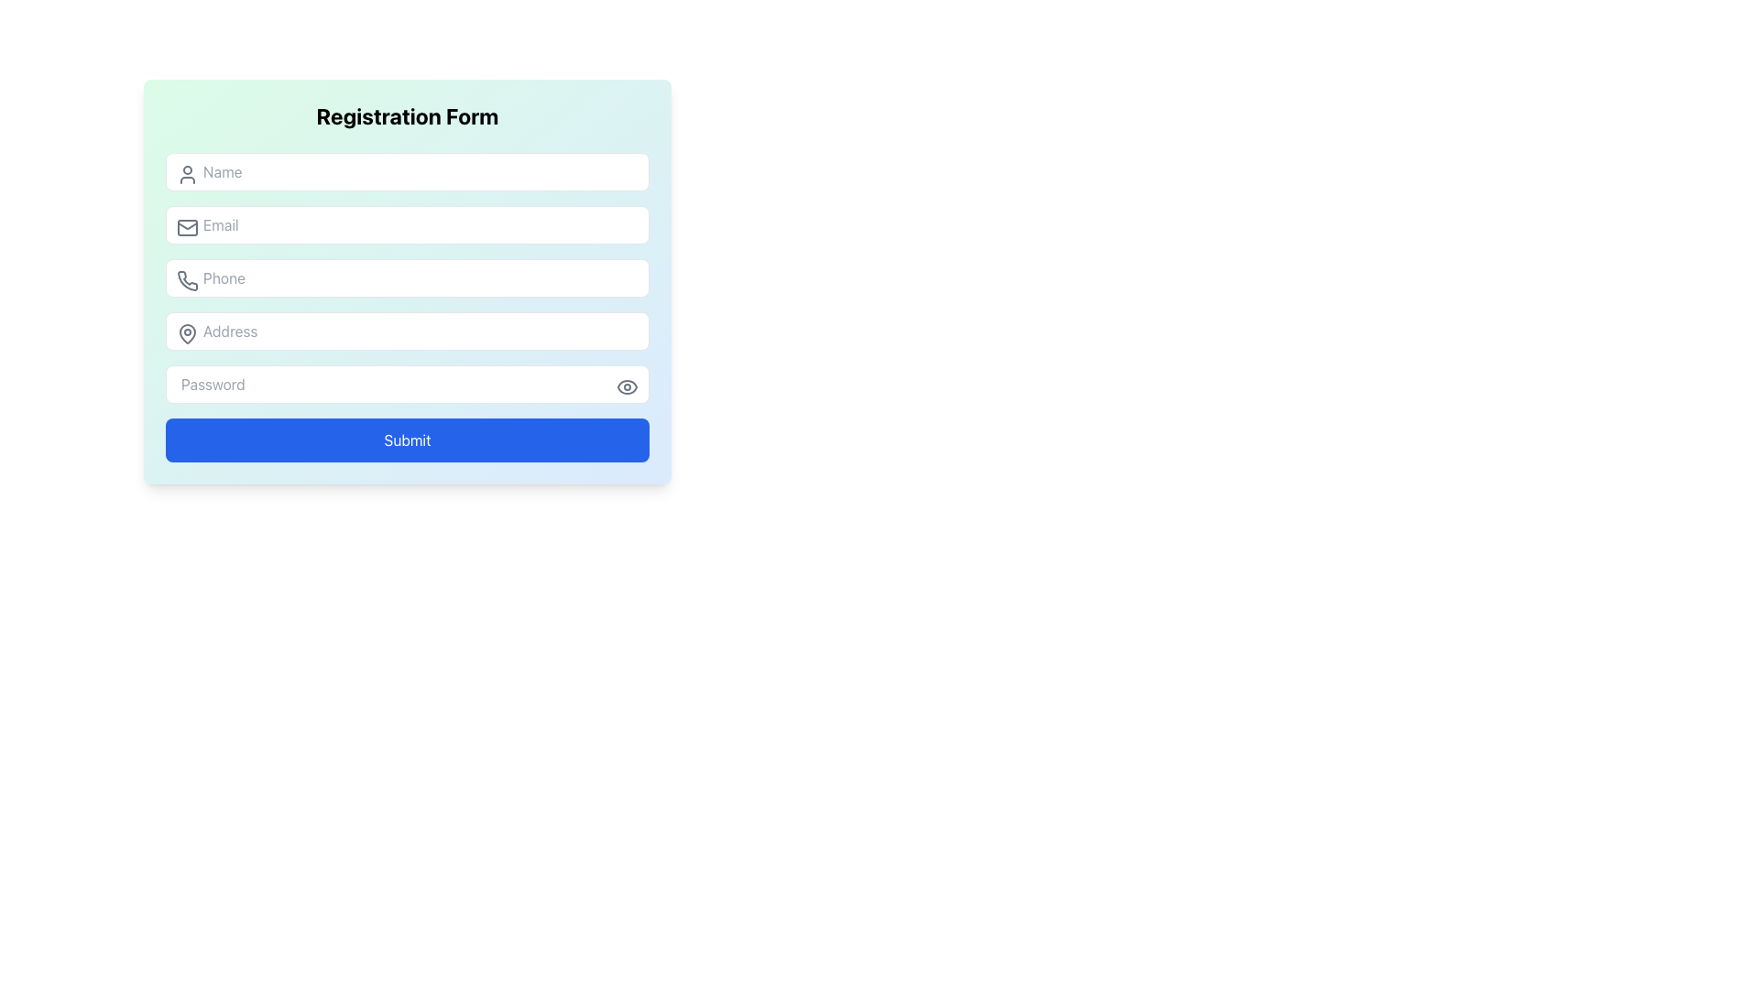 The image size is (1759, 989). Describe the element at coordinates (628, 386) in the screenshot. I see `the eye-shaped icon button located at the top-right corner of the password input field` at that location.